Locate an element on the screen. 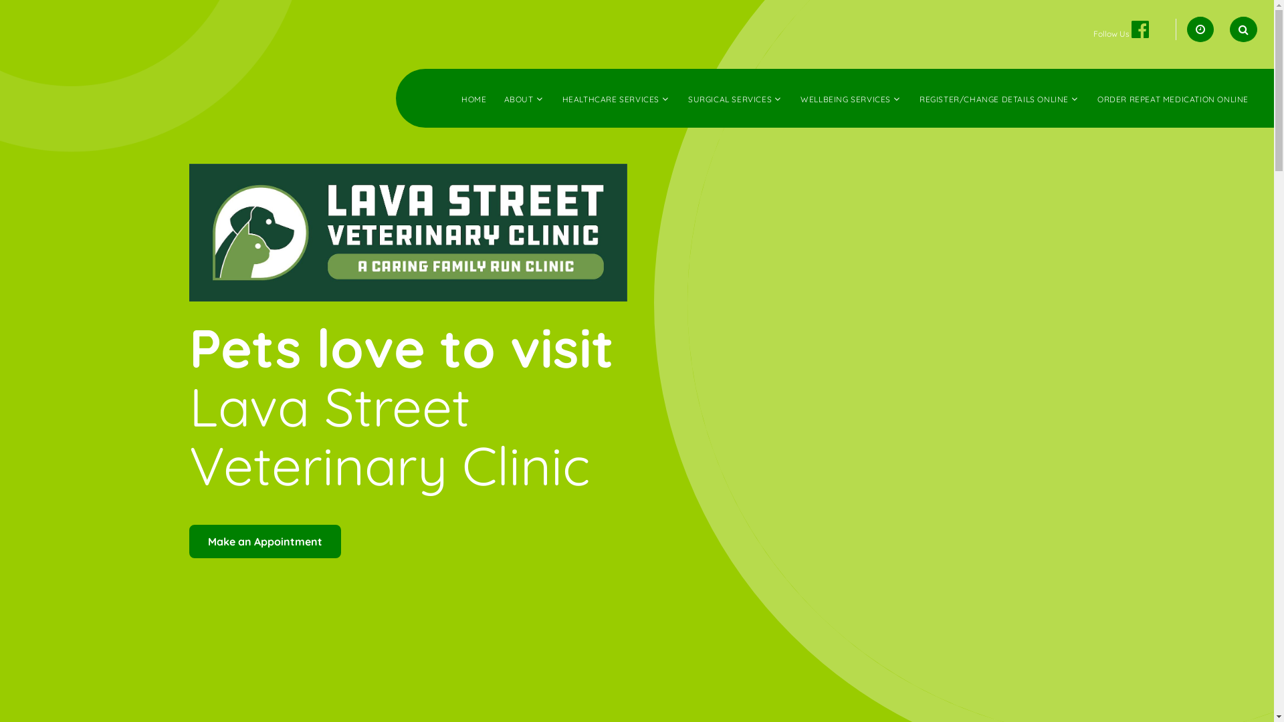 This screenshot has width=1284, height=722. 'Make an Appointment' is located at coordinates (264, 541).